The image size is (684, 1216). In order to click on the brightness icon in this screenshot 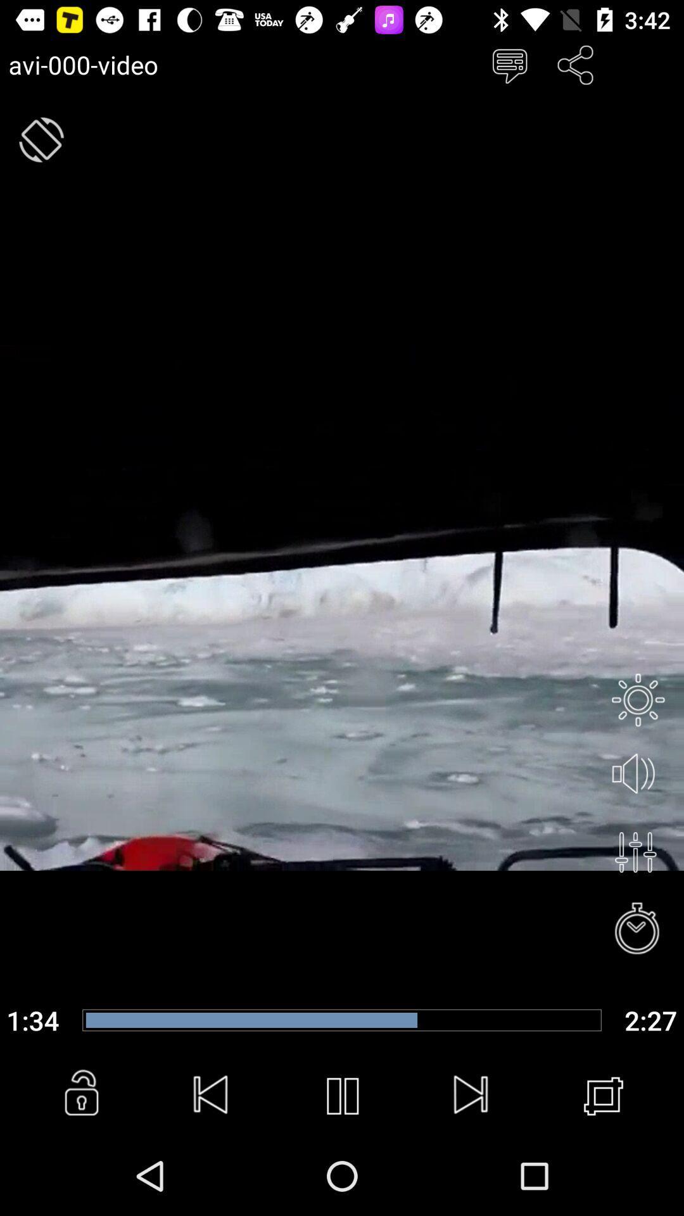, I will do `click(638, 699)`.